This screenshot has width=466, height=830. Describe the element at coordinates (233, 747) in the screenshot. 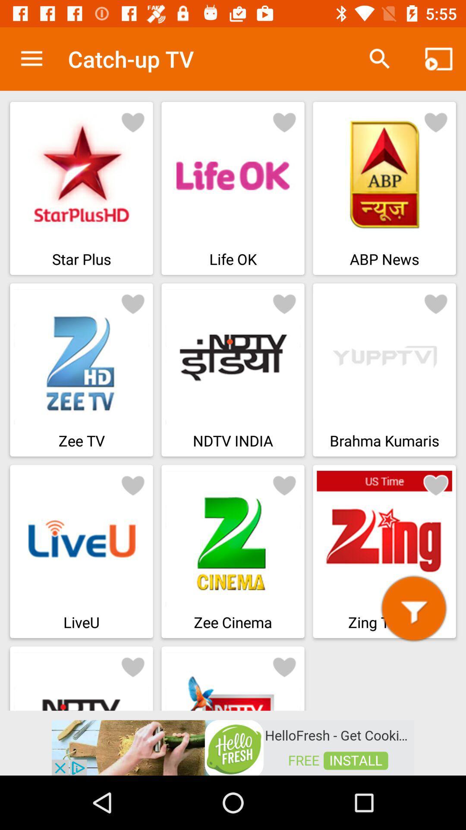

I see `advertisement page` at that location.